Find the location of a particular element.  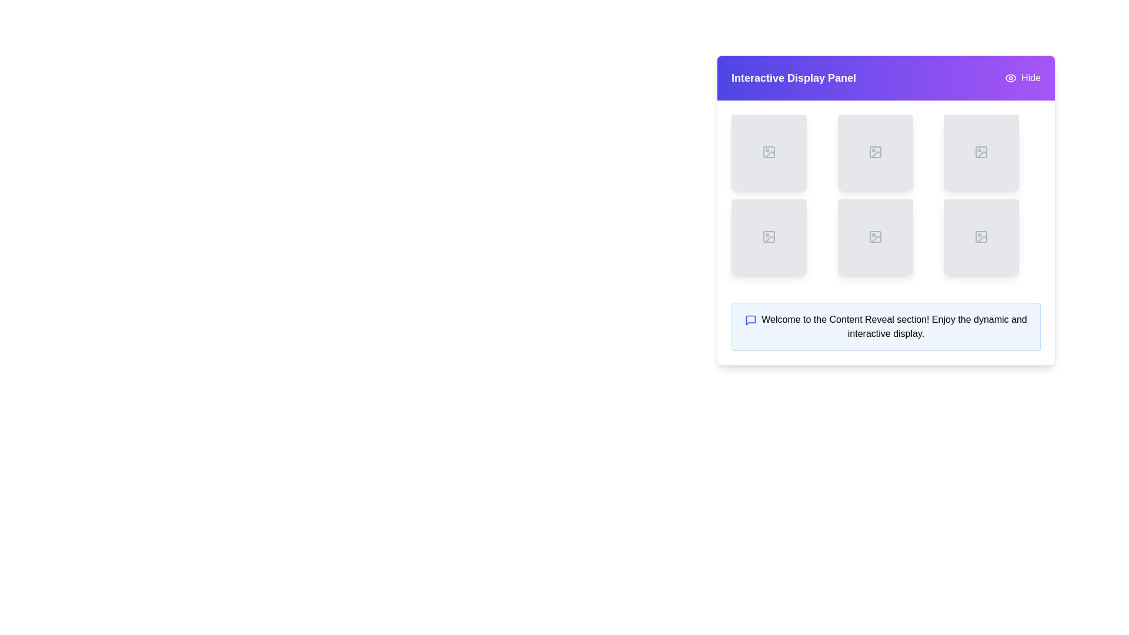

the visibility icon located in the top-right corner of the interface, immediately is located at coordinates (1010, 78).